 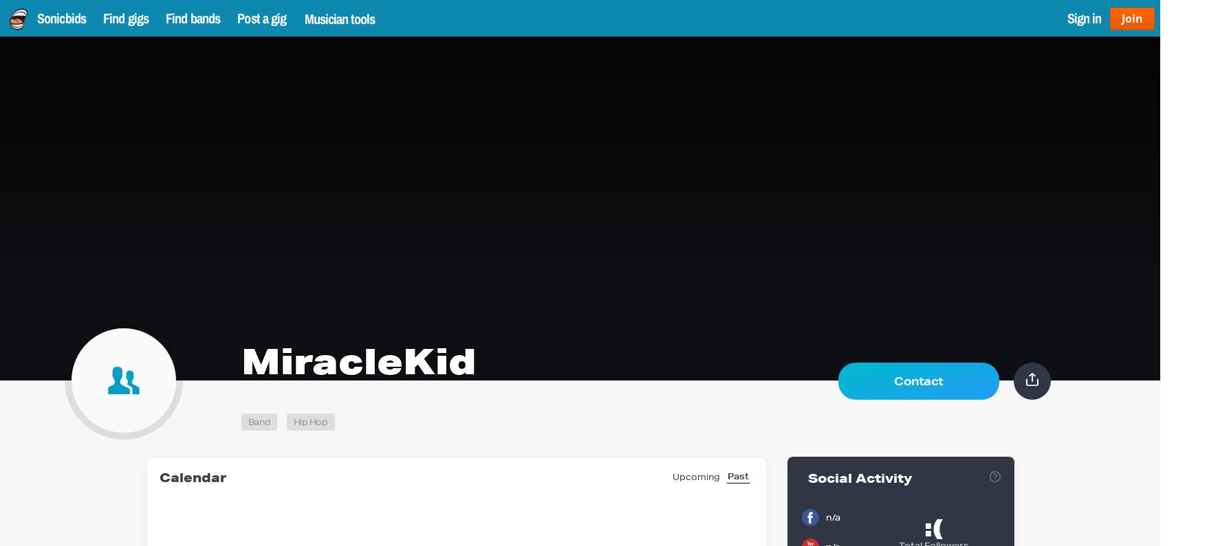 What do you see at coordinates (1120, 16) in the screenshot?
I see `'Join'` at bounding box center [1120, 16].